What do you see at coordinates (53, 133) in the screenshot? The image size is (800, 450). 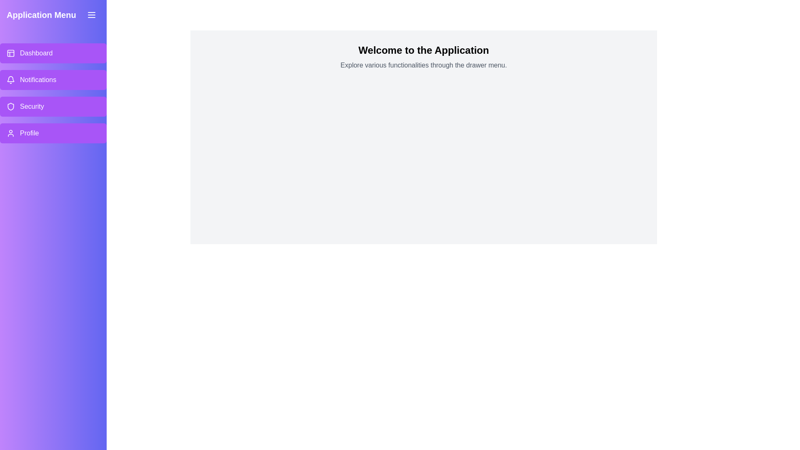 I see `the menu item labeled Profile to highlight it` at bounding box center [53, 133].